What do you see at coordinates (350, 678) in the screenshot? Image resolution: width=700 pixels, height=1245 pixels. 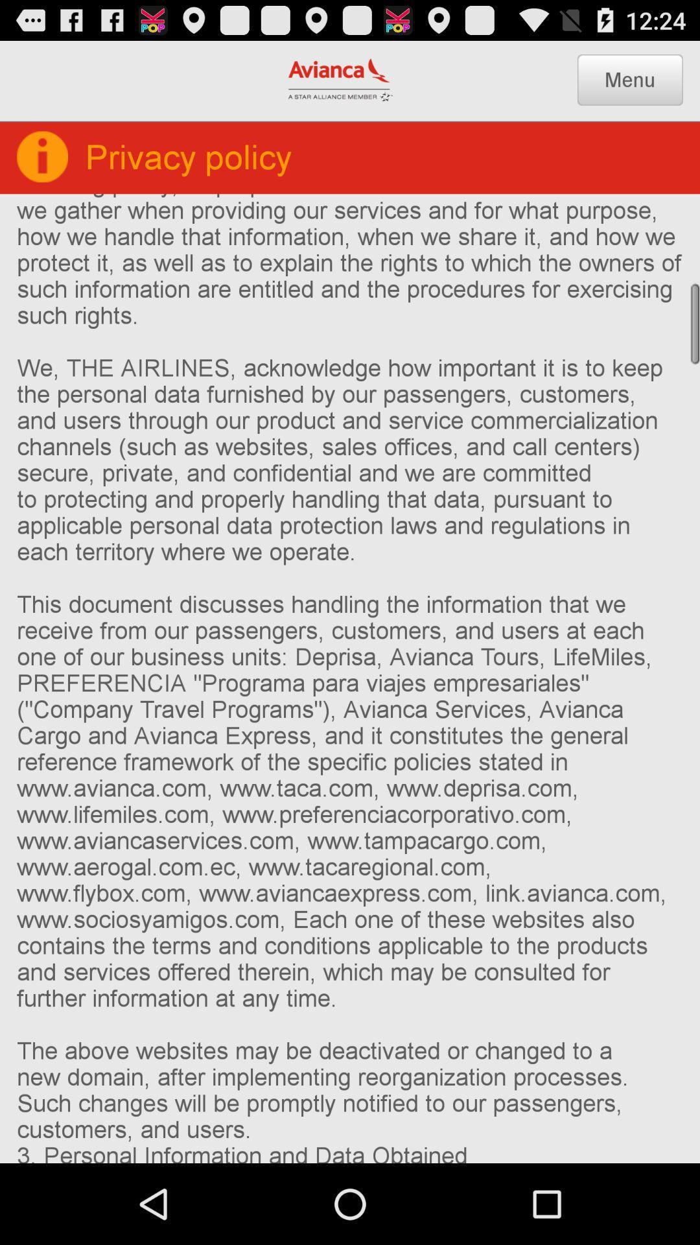 I see `the 1 who we` at bounding box center [350, 678].